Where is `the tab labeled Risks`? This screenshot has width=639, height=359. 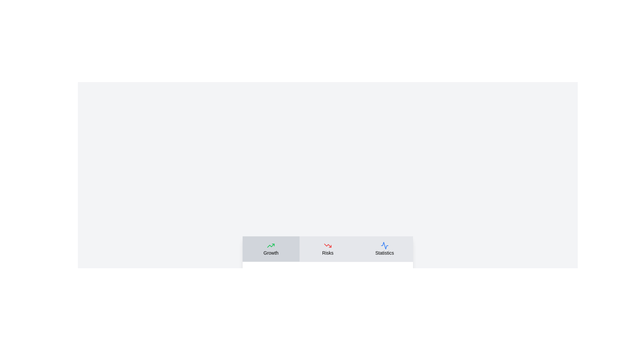 the tab labeled Risks is located at coordinates (327, 249).